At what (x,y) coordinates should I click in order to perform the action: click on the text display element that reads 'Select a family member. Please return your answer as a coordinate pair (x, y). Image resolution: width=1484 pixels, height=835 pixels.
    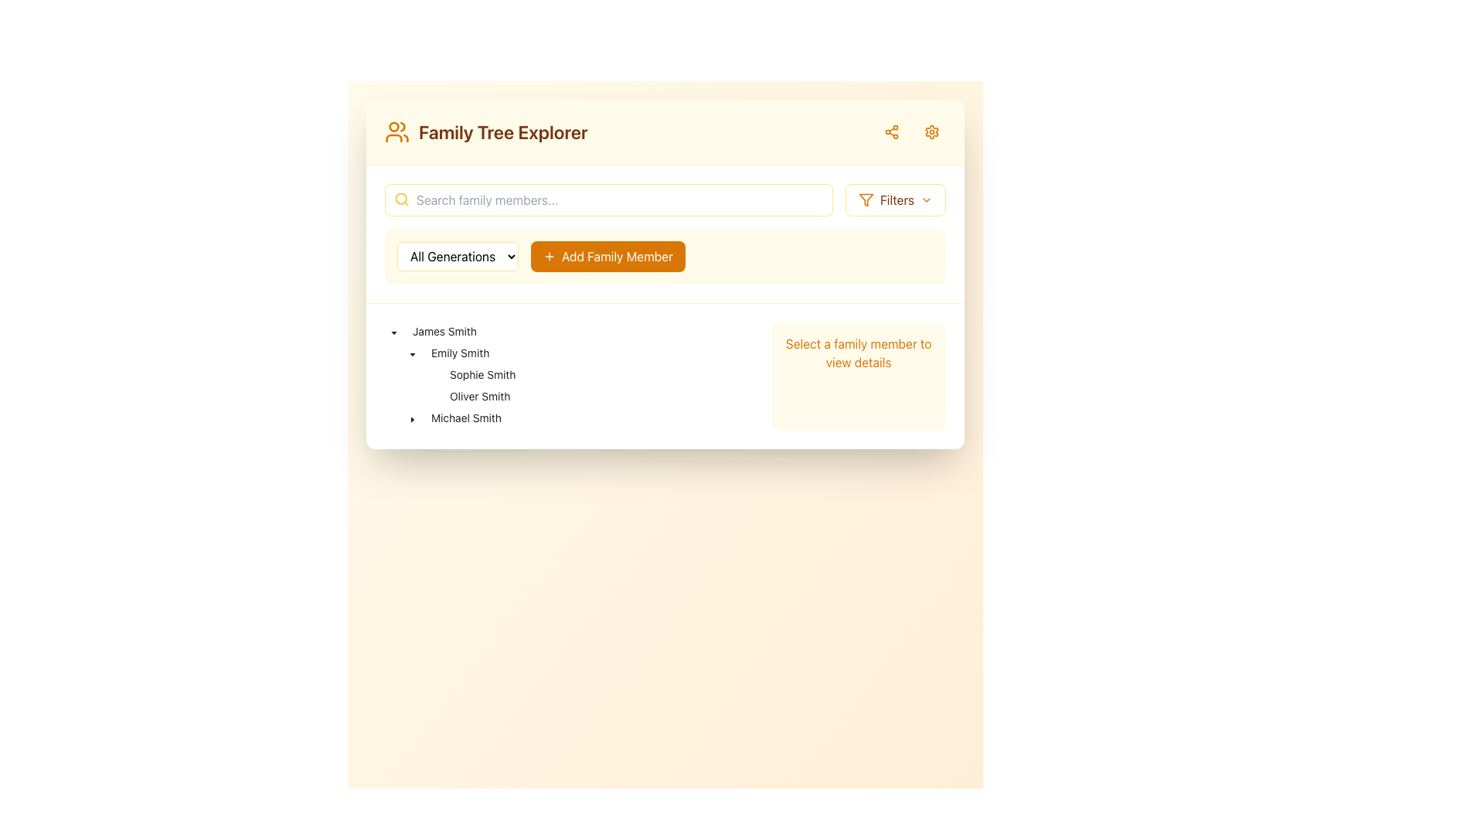
    Looking at the image, I should click on (857, 353).